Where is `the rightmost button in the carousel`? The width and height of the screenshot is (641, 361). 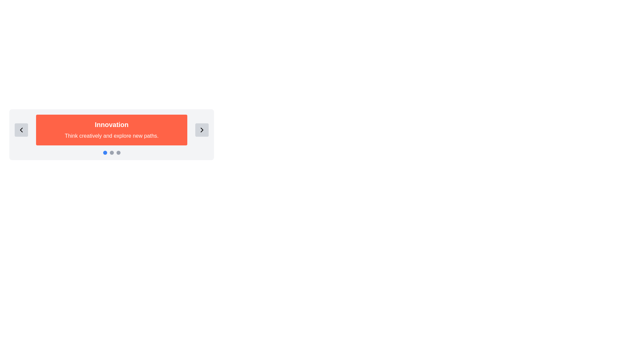 the rightmost button in the carousel is located at coordinates (201, 130).